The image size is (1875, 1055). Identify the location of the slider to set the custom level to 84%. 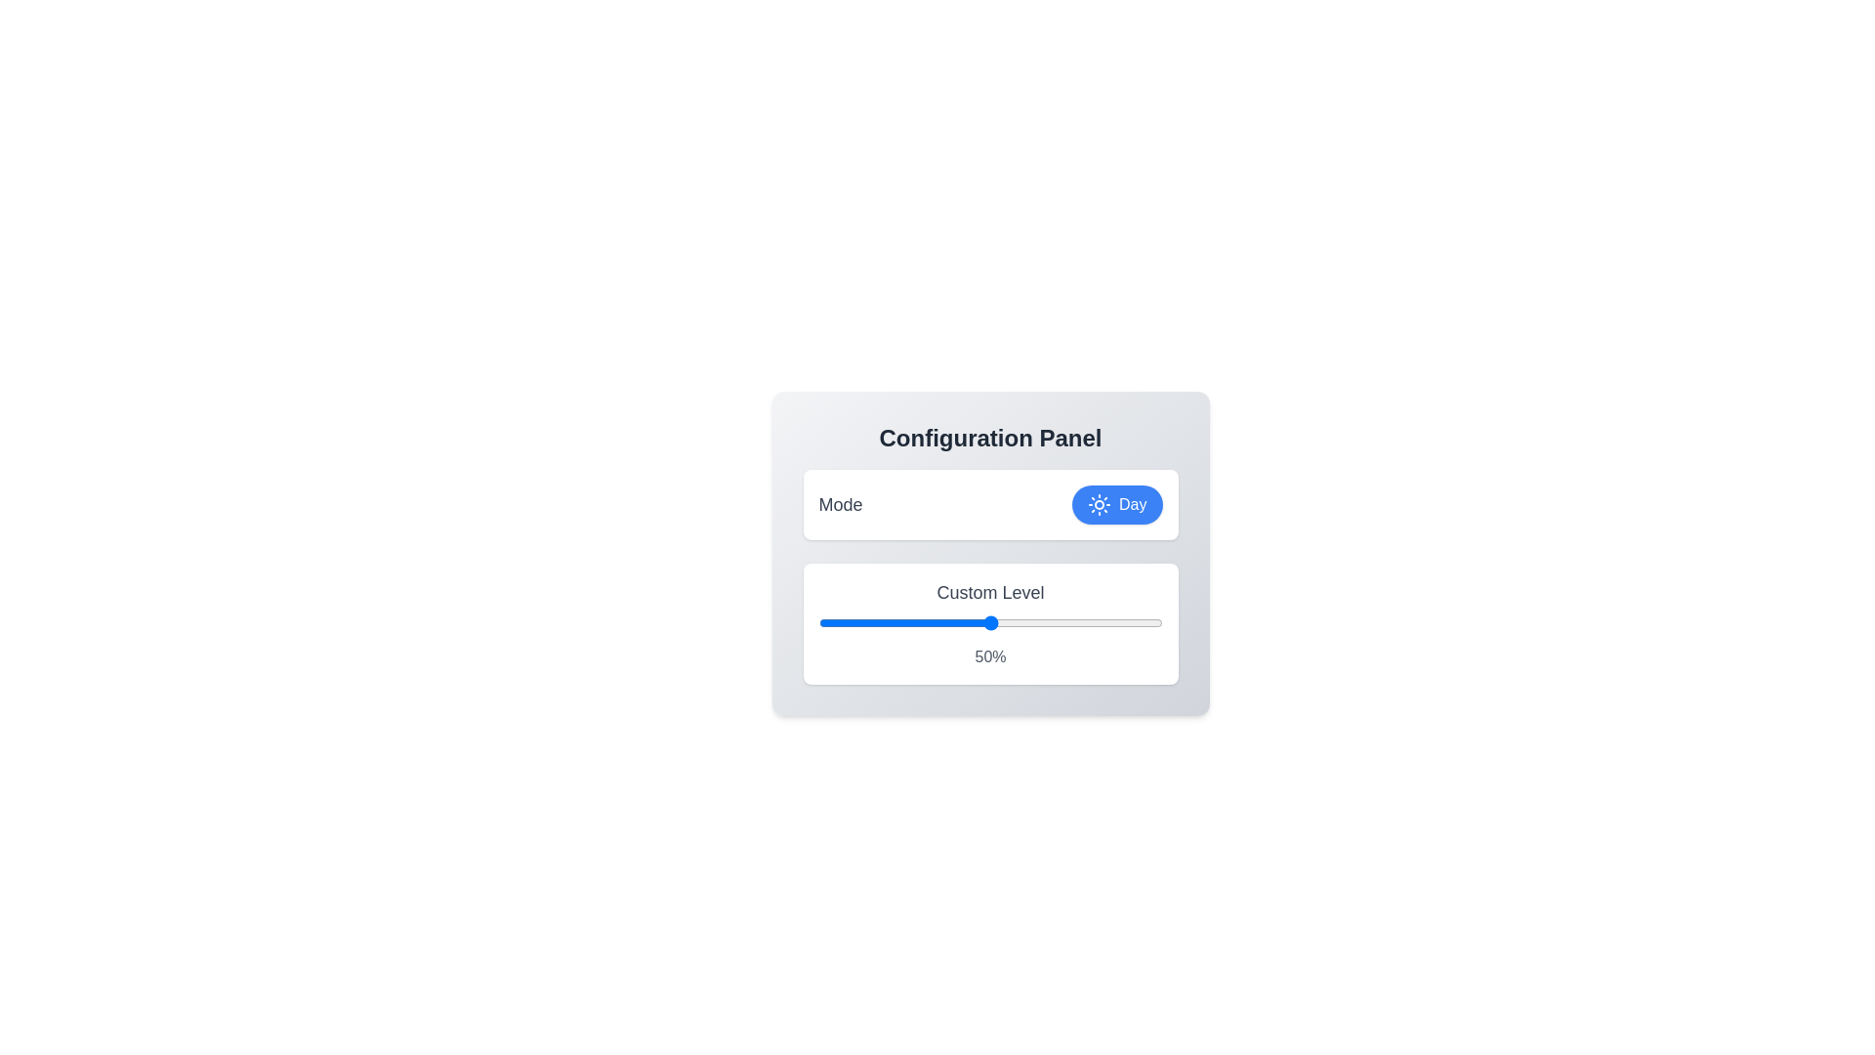
(1107, 622).